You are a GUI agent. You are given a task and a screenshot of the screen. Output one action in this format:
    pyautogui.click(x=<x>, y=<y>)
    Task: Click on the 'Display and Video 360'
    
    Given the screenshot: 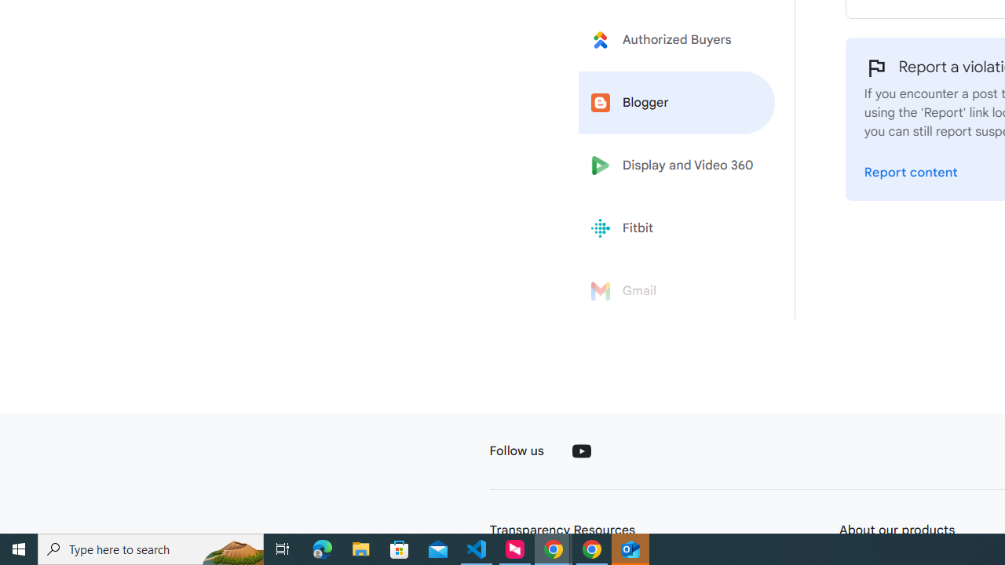 What is the action you would take?
    pyautogui.click(x=677, y=166)
    